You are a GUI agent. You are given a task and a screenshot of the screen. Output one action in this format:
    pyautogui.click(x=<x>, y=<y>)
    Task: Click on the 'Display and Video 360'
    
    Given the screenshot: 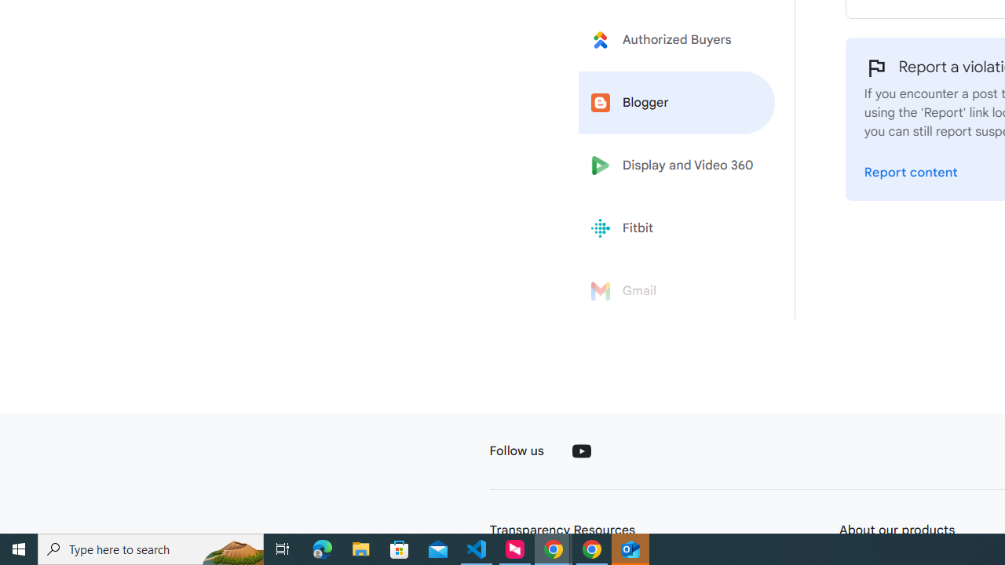 What is the action you would take?
    pyautogui.click(x=677, y=166)
    